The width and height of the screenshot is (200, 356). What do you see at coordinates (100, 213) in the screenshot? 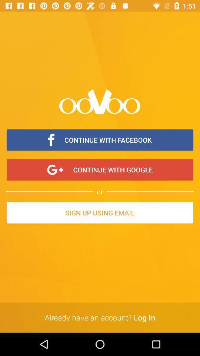
I see `the icon above already have an item` at bounding box center [100, 213].